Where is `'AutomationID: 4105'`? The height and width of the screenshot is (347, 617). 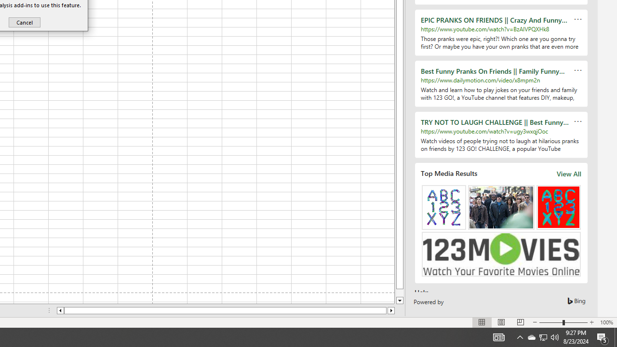 'AutomationID: 4105' is located at coordinates (498, 336).